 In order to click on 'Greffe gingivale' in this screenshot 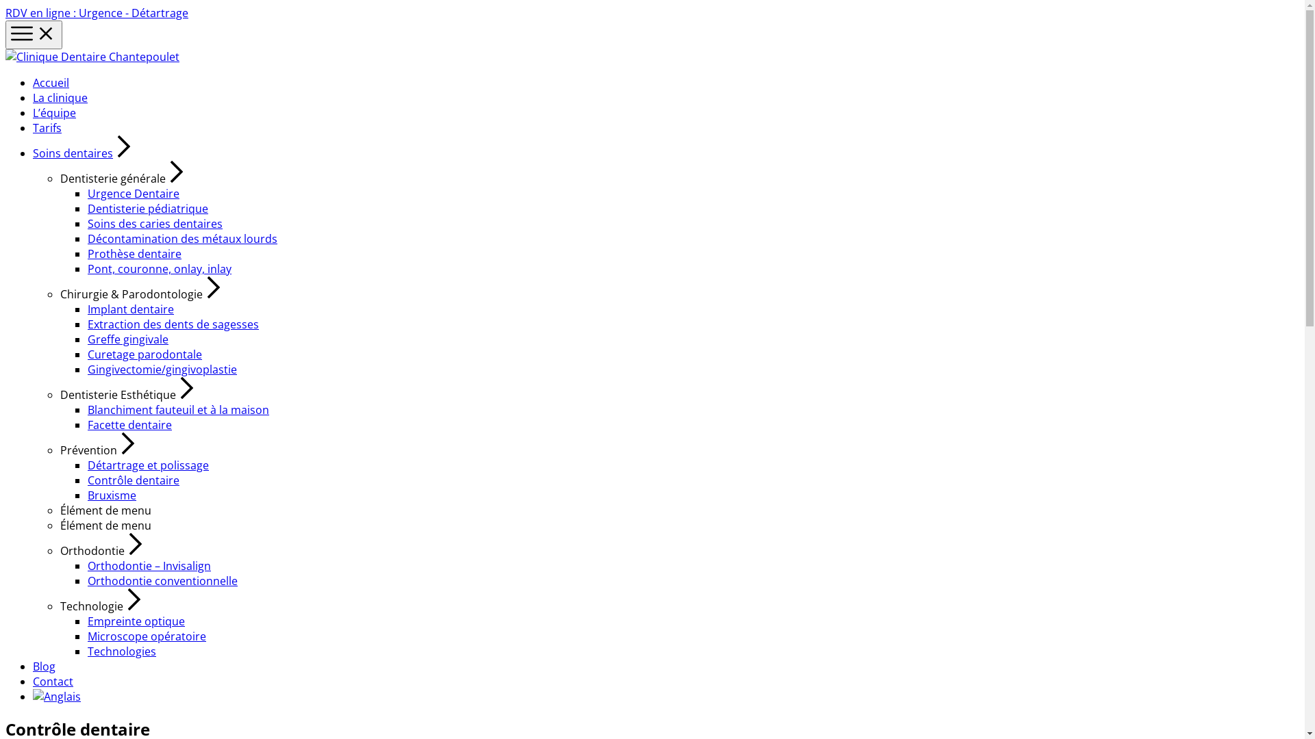, I will do `click(128, 339)`.